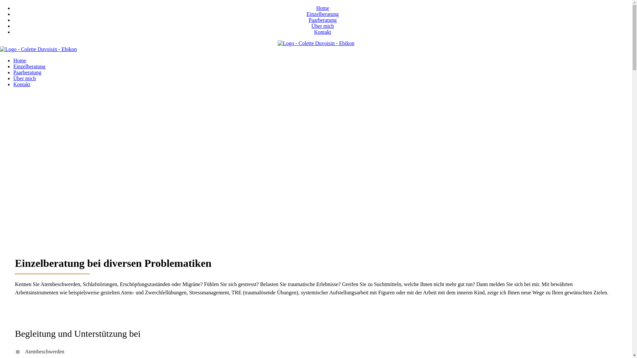 This screenshot has height=358, width=637. Describe the element at coordinates (322, 14) in the screenshot. I see `'Einzelberatung'` at that location.